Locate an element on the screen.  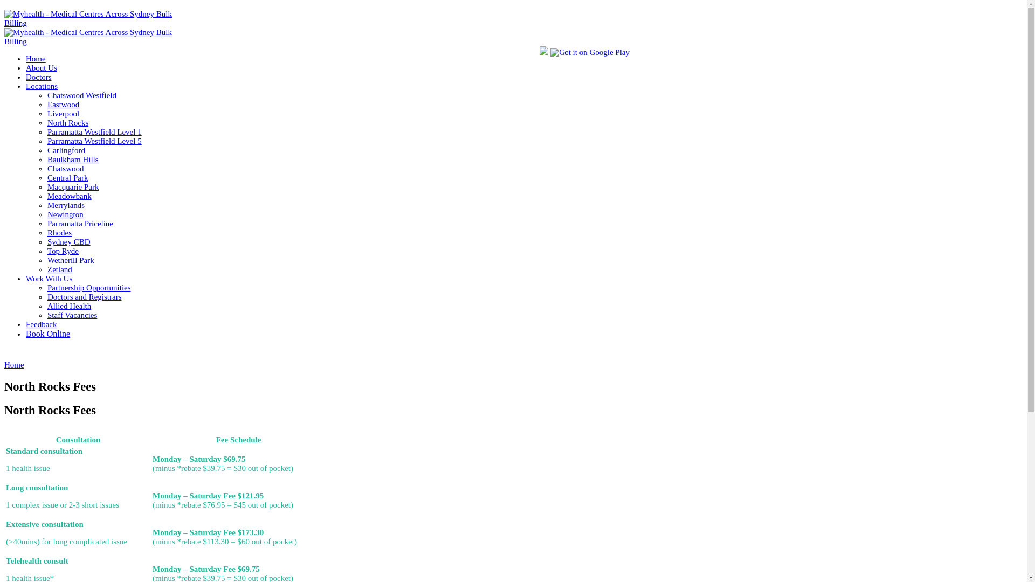
'Book Online' is located at coordinates (47, 333).